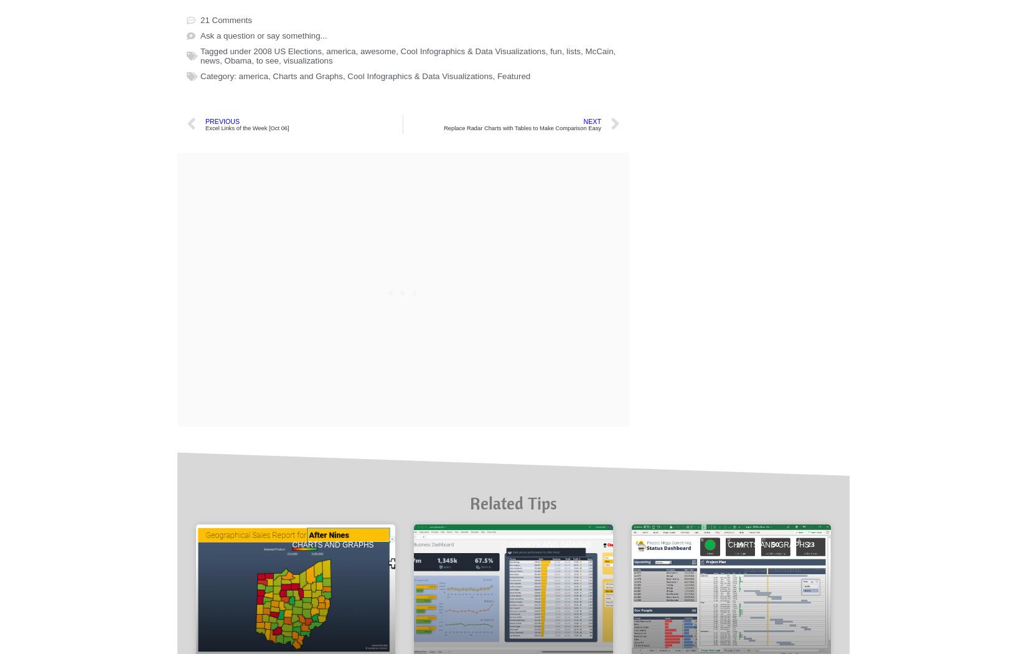  I want to click on 'Next', so click(592, 547).